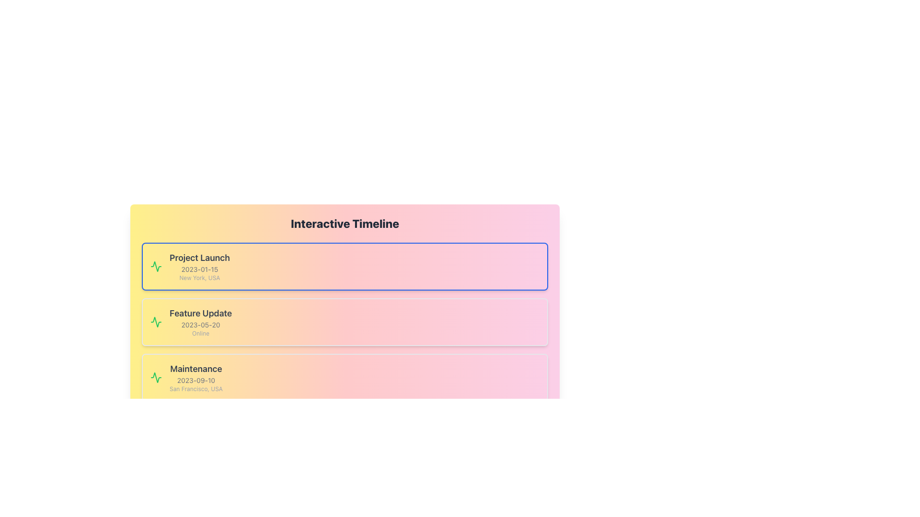 The width and height of the screenshot is (920, 517). Describe the element at coordinates (200, 322) in the screenshot. I see `the 'Feature Update' text block in the Interactive Timeline section, which contains the date '2023-05-20' and the status 'Online'` at that location.